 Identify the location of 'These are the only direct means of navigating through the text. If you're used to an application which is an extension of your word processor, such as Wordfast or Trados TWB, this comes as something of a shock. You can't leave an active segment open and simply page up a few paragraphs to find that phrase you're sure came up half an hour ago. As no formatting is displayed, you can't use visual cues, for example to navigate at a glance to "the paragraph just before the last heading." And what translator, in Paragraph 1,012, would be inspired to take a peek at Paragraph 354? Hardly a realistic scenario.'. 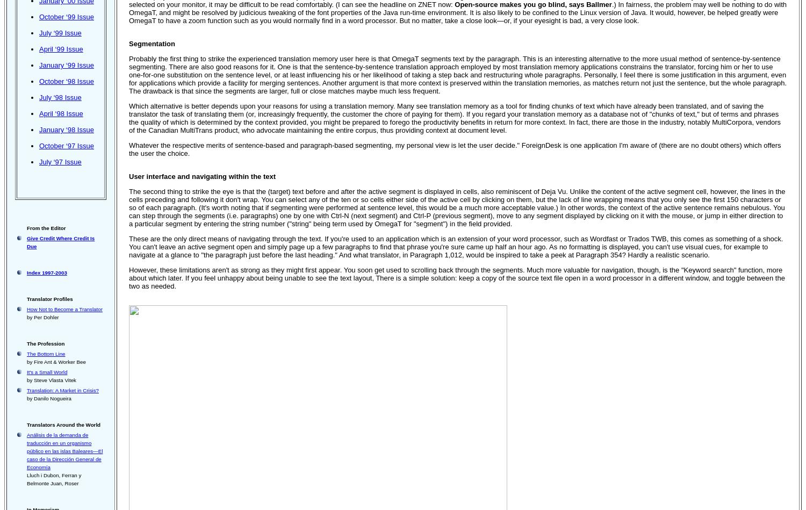
(455, 247).